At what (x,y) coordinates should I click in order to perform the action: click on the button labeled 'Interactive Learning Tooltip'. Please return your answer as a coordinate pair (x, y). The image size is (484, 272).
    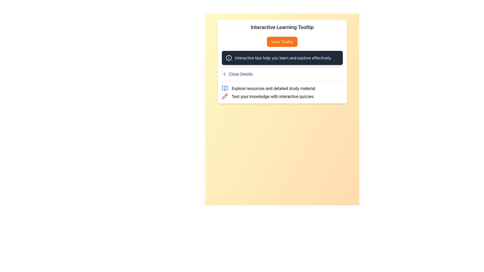
    Looking at the image, I should click on (282, 41).